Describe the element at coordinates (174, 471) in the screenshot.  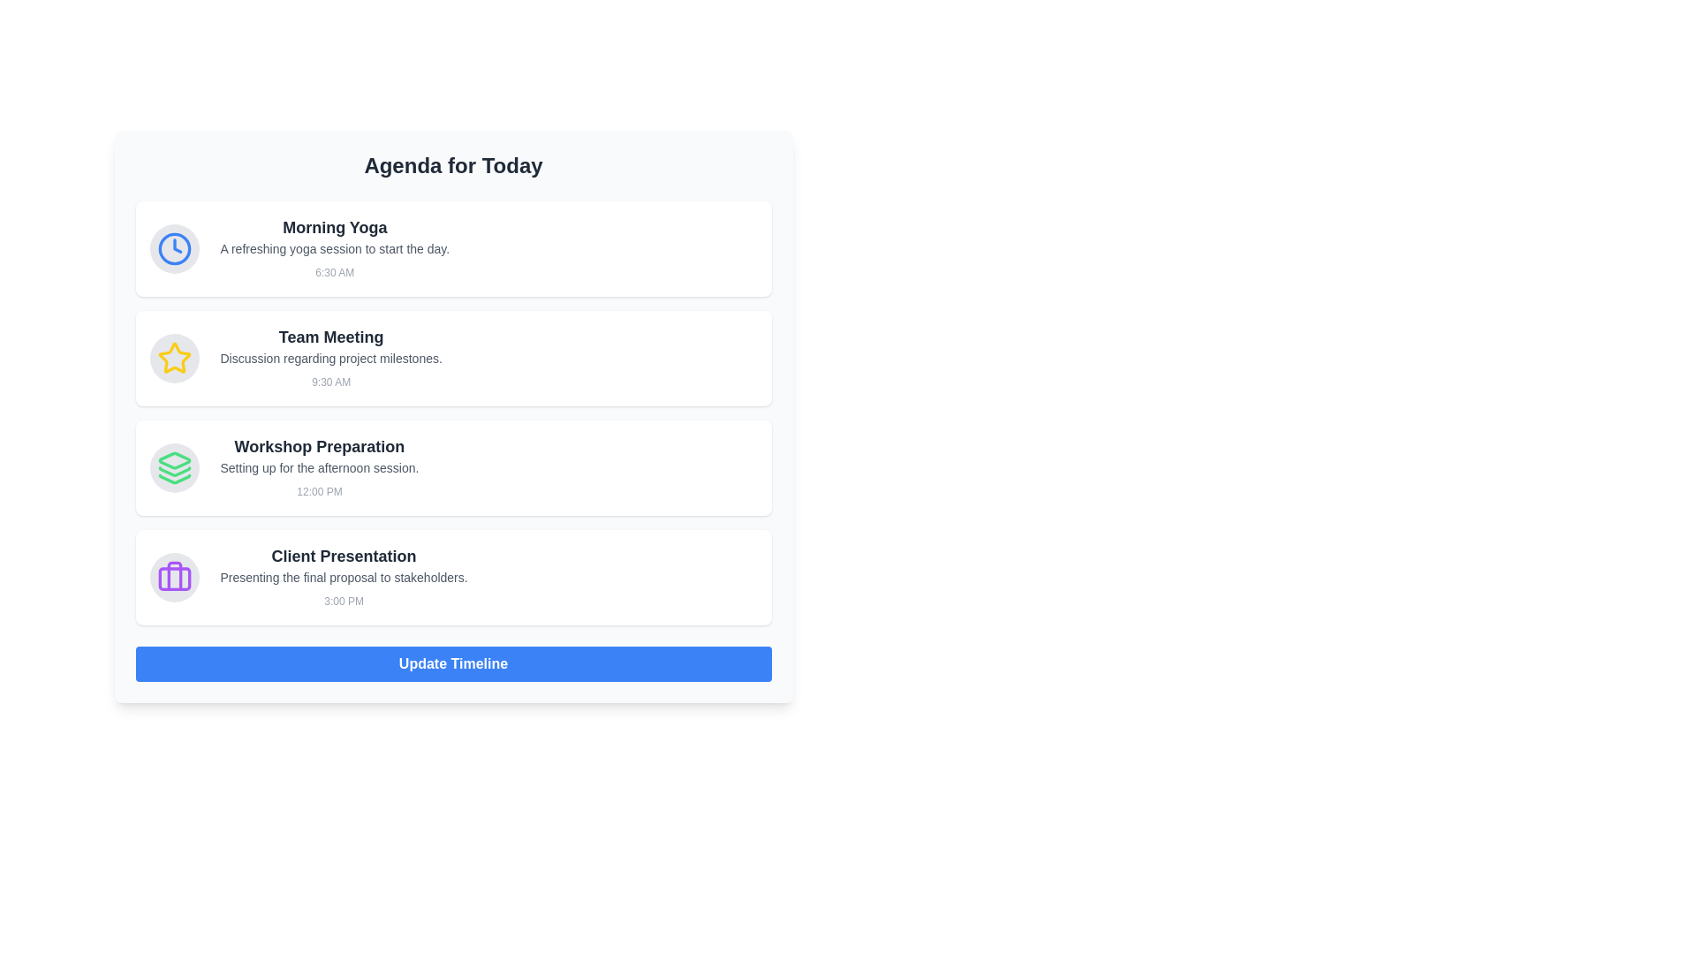
I see `the decorative vector graphic representing the agenda item labeled 'Workshop Preparation', which is the middle layer of a three-layered stack icon in a vertical list` at that location.